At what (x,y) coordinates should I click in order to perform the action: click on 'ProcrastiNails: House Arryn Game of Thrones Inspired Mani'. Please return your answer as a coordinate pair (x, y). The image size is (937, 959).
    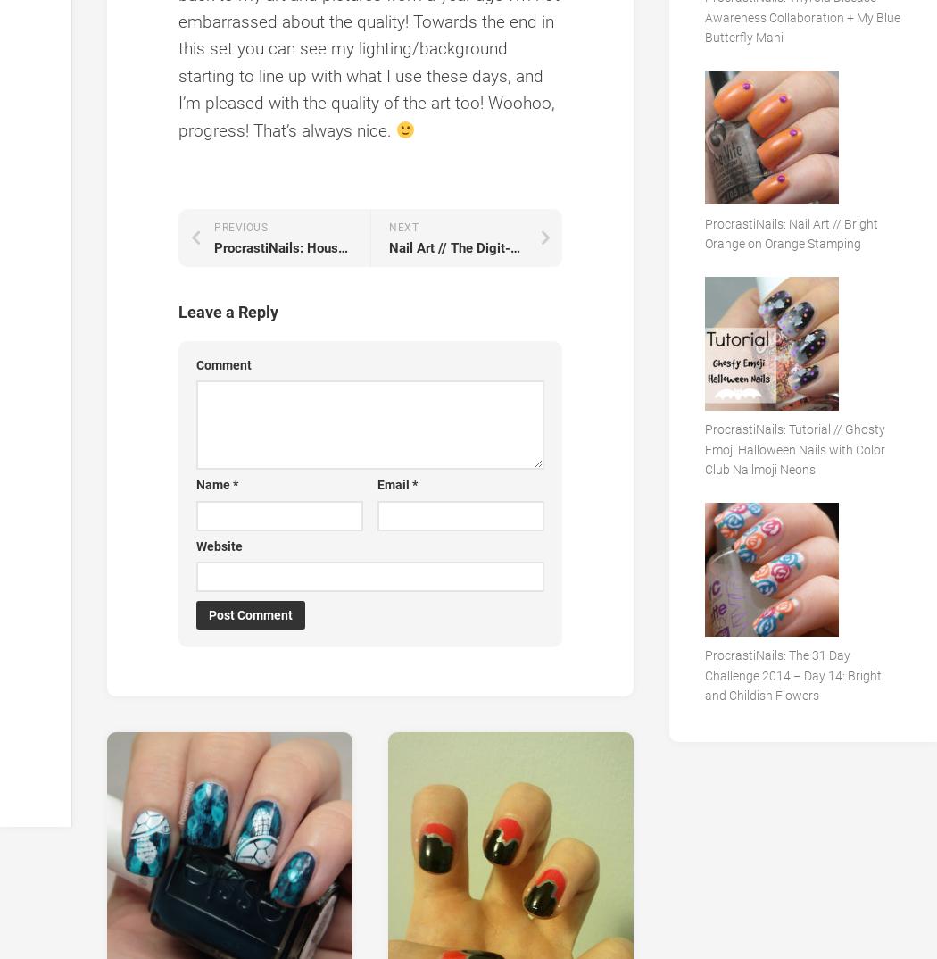
    Looking at the image, I should click on (391, 246).